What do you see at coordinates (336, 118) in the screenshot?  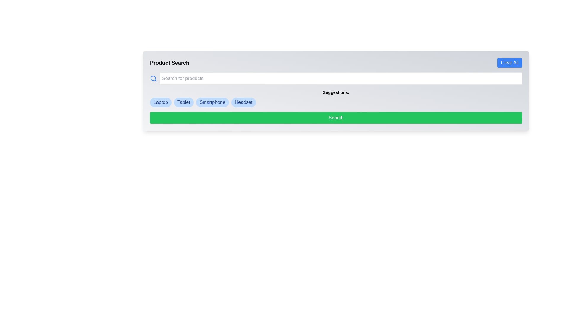 I see `the search button located below the 'Suggestions' section` at bounding box center [336, 118].